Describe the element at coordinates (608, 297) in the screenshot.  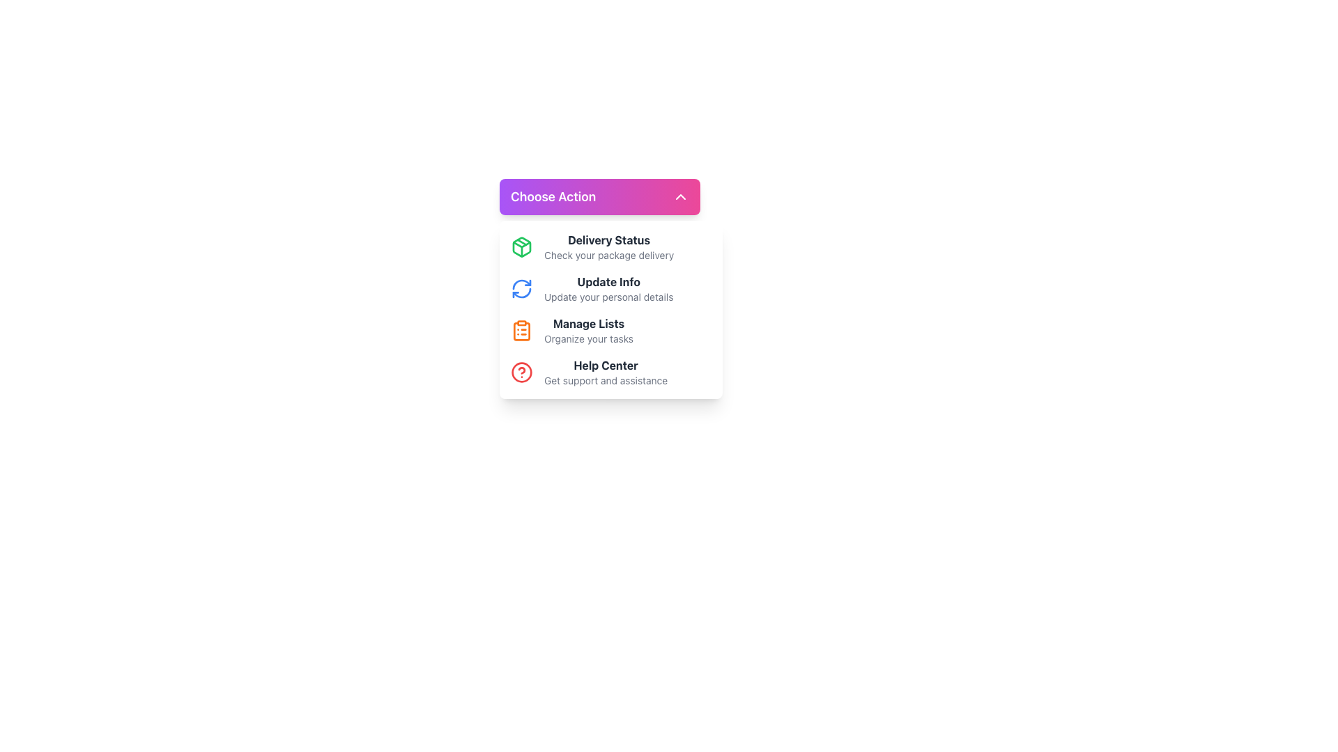
I see `descriptive text label that provides information about the 'Update Info' option, which is located directly under the bold title 'Update Info' in the vertical options menu` at that location.